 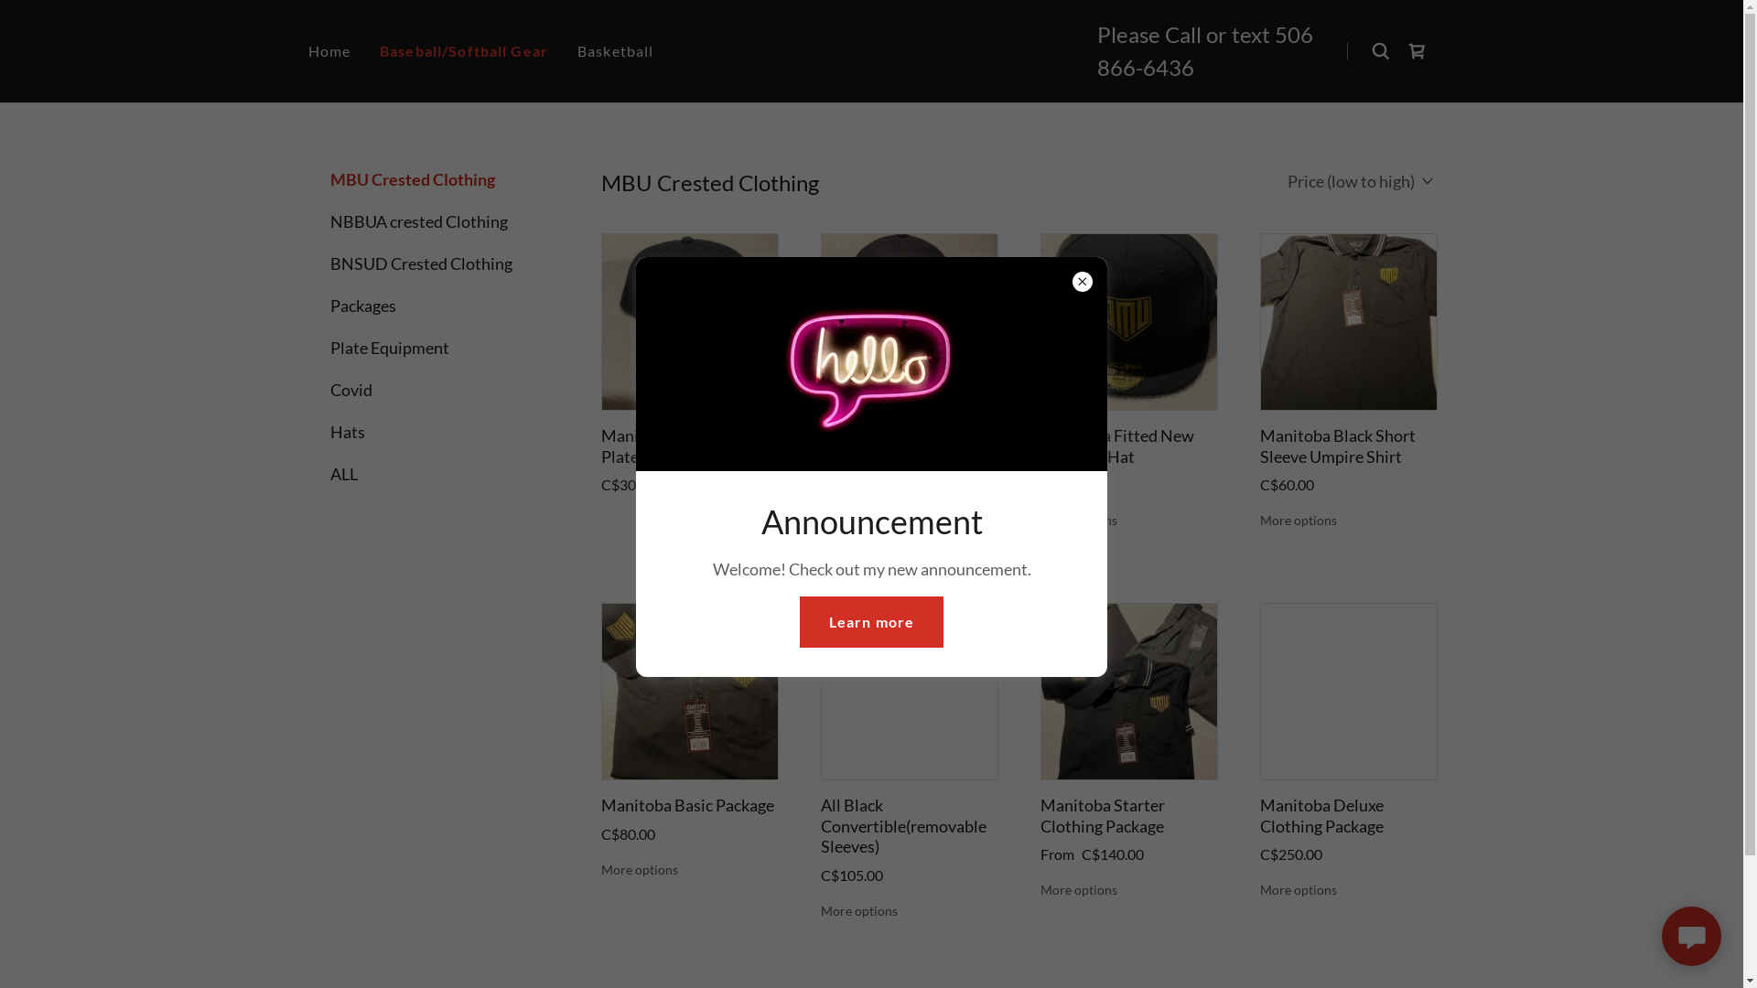 What do you see at coordinates (1362, 179) in the screenshot?
I see `'Price (low to high)'` at bounding box center [1362, 179].